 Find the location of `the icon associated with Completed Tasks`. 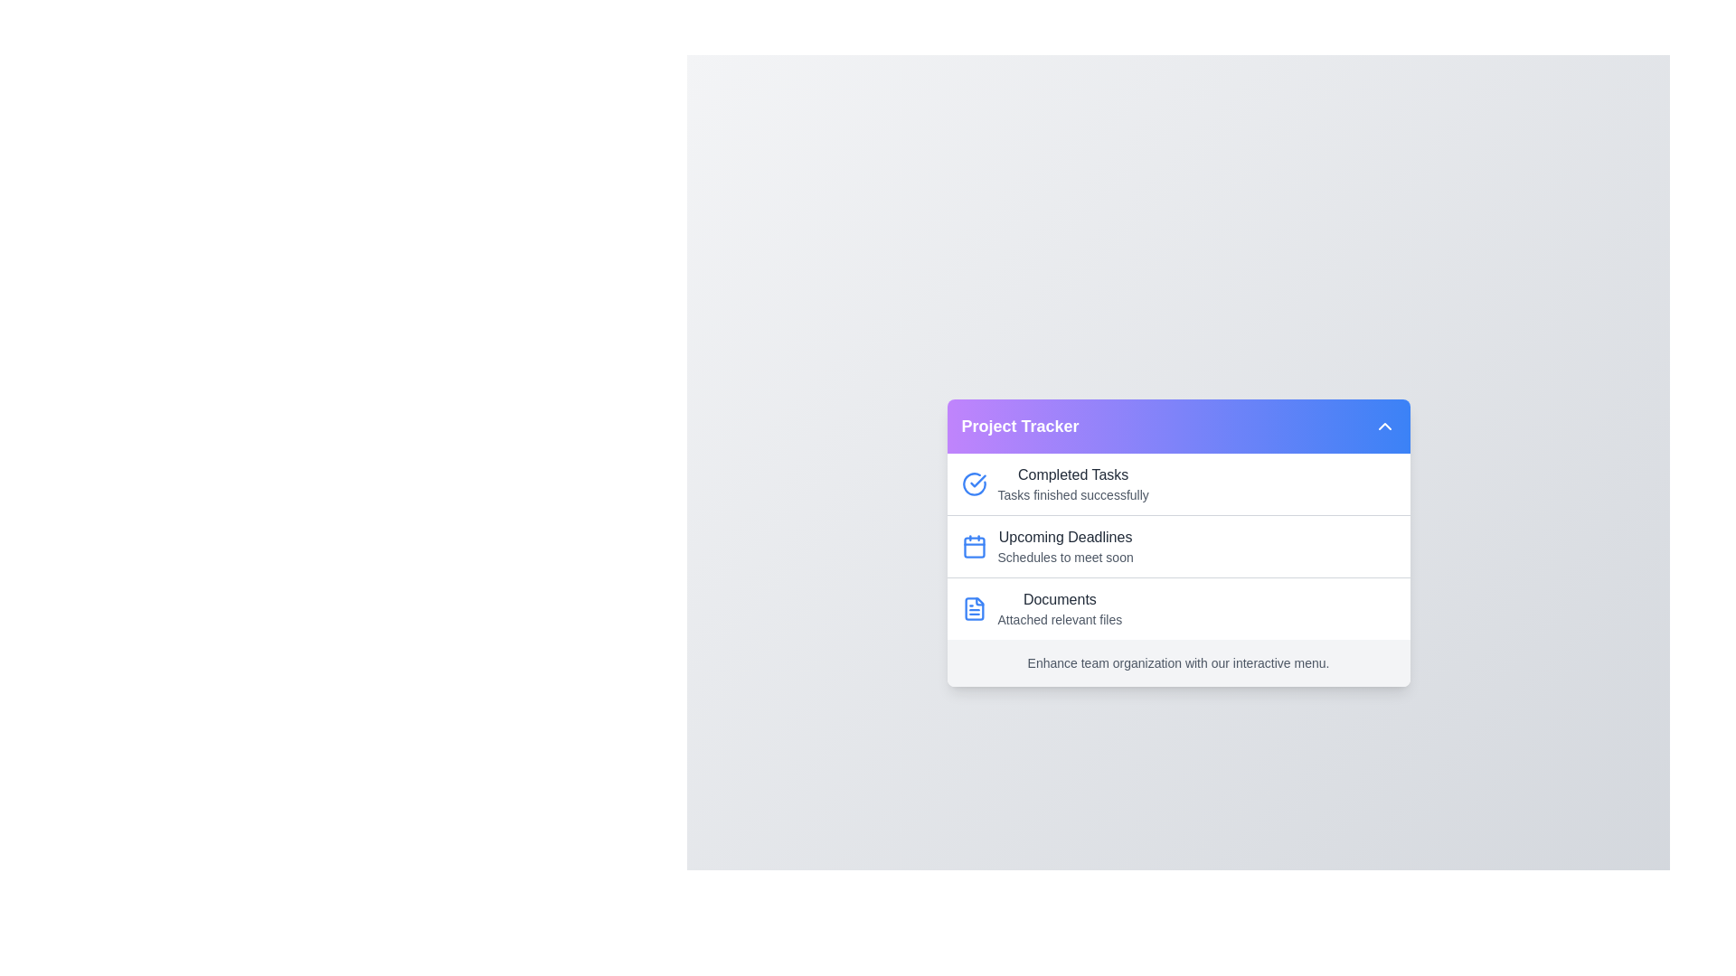

the icon associated with Completed Tasks is located at coordinates (973, 483).